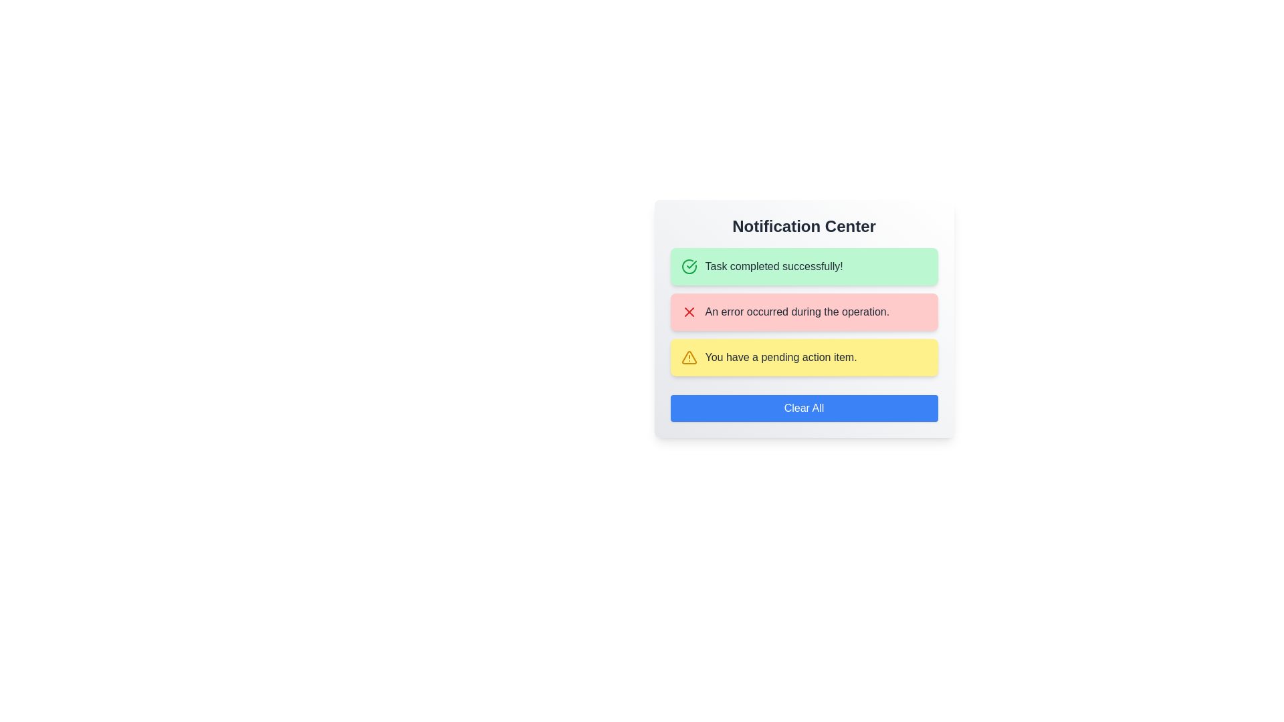  Describe the element at coordinates (803, 266) in the screenshot. I see `text content of the first notification card in the 'Notification Center' dialog box, located directly below the title 'Notification Center'` at that location.